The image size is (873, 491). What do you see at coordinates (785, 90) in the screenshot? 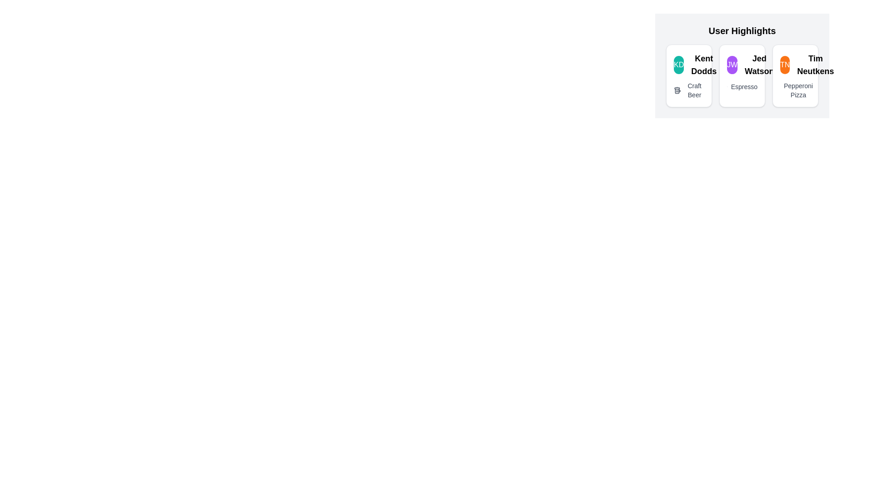
I see `the decorative pizza slice icon located under 'Tim Neutkens' and beside 'Pepperoni Pizza' in the third card of the user highlights` at bounding box center [785, 90].